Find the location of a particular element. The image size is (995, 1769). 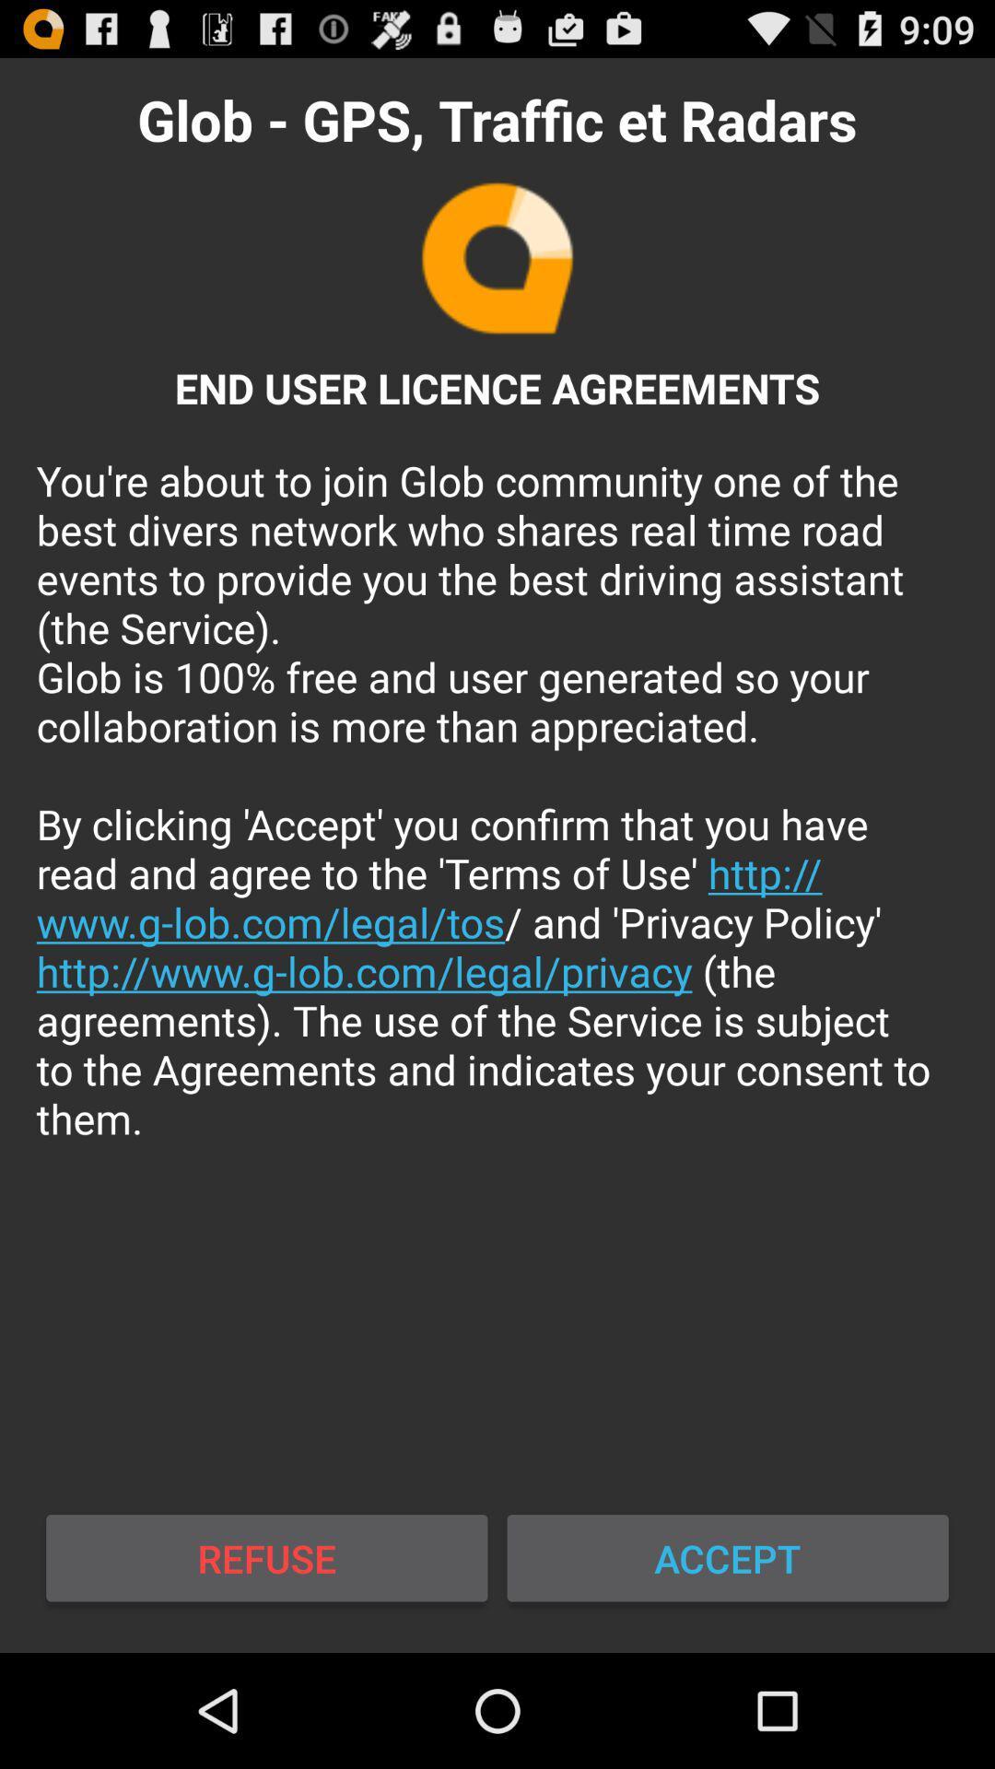

icon to the left of accept icon is located at coordinates (266, 1557).